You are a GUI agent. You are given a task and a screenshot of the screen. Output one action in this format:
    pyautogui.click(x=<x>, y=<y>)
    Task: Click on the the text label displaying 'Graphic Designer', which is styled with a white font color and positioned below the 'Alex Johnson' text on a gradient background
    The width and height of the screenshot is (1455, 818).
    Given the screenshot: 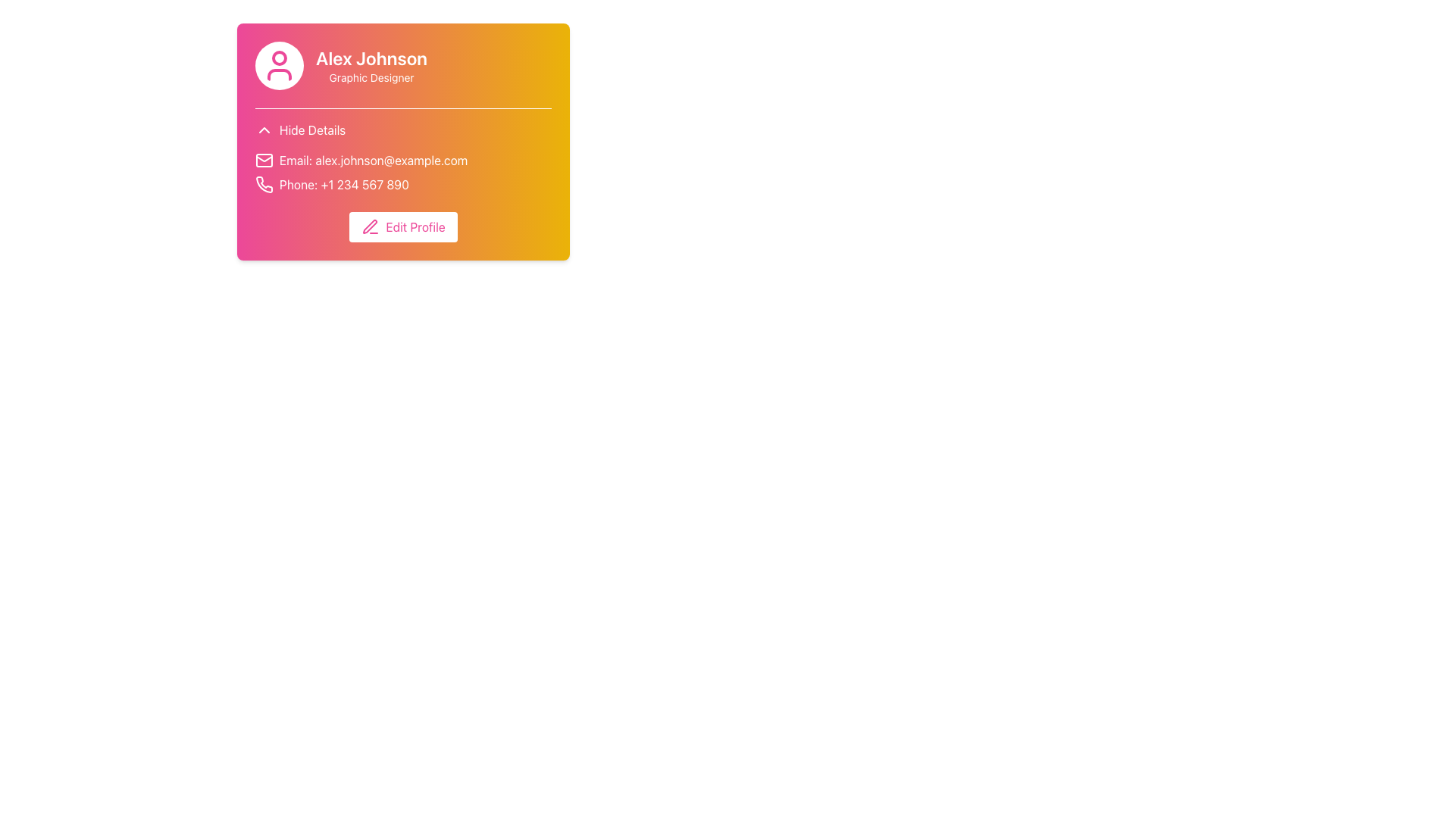 What is the action you would take?
    pyautogui.click(x=371, y=78)
    